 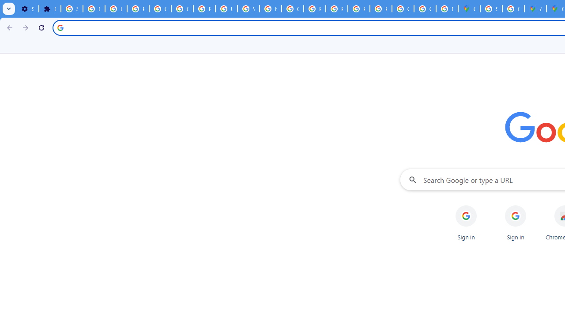 What do you see at coordinates (314, 9) in the screenshot?
I see `'Privacy Help Center - Policies Help'` at bounding box center [314, 9].